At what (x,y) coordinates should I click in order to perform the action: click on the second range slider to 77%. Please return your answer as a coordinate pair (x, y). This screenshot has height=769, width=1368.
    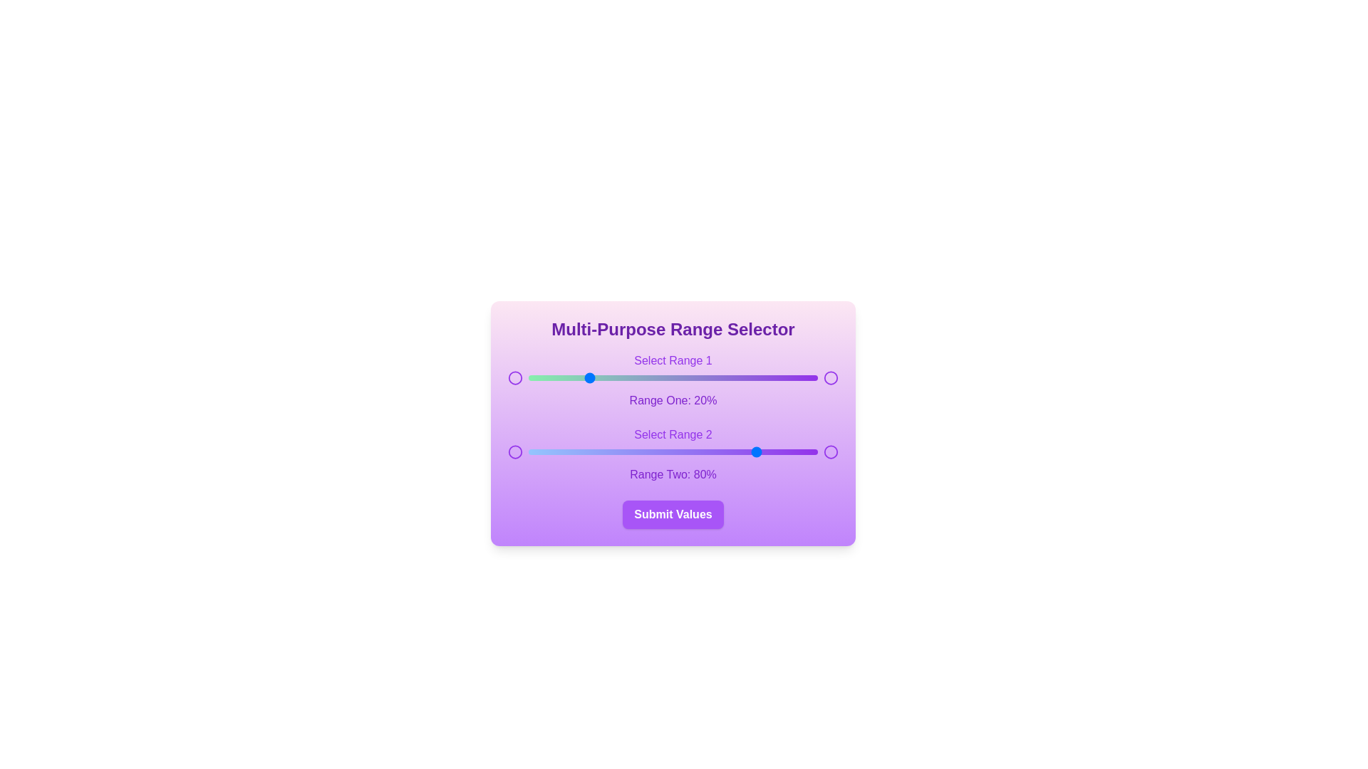
    Looking at the image, I should click on (750, 452).